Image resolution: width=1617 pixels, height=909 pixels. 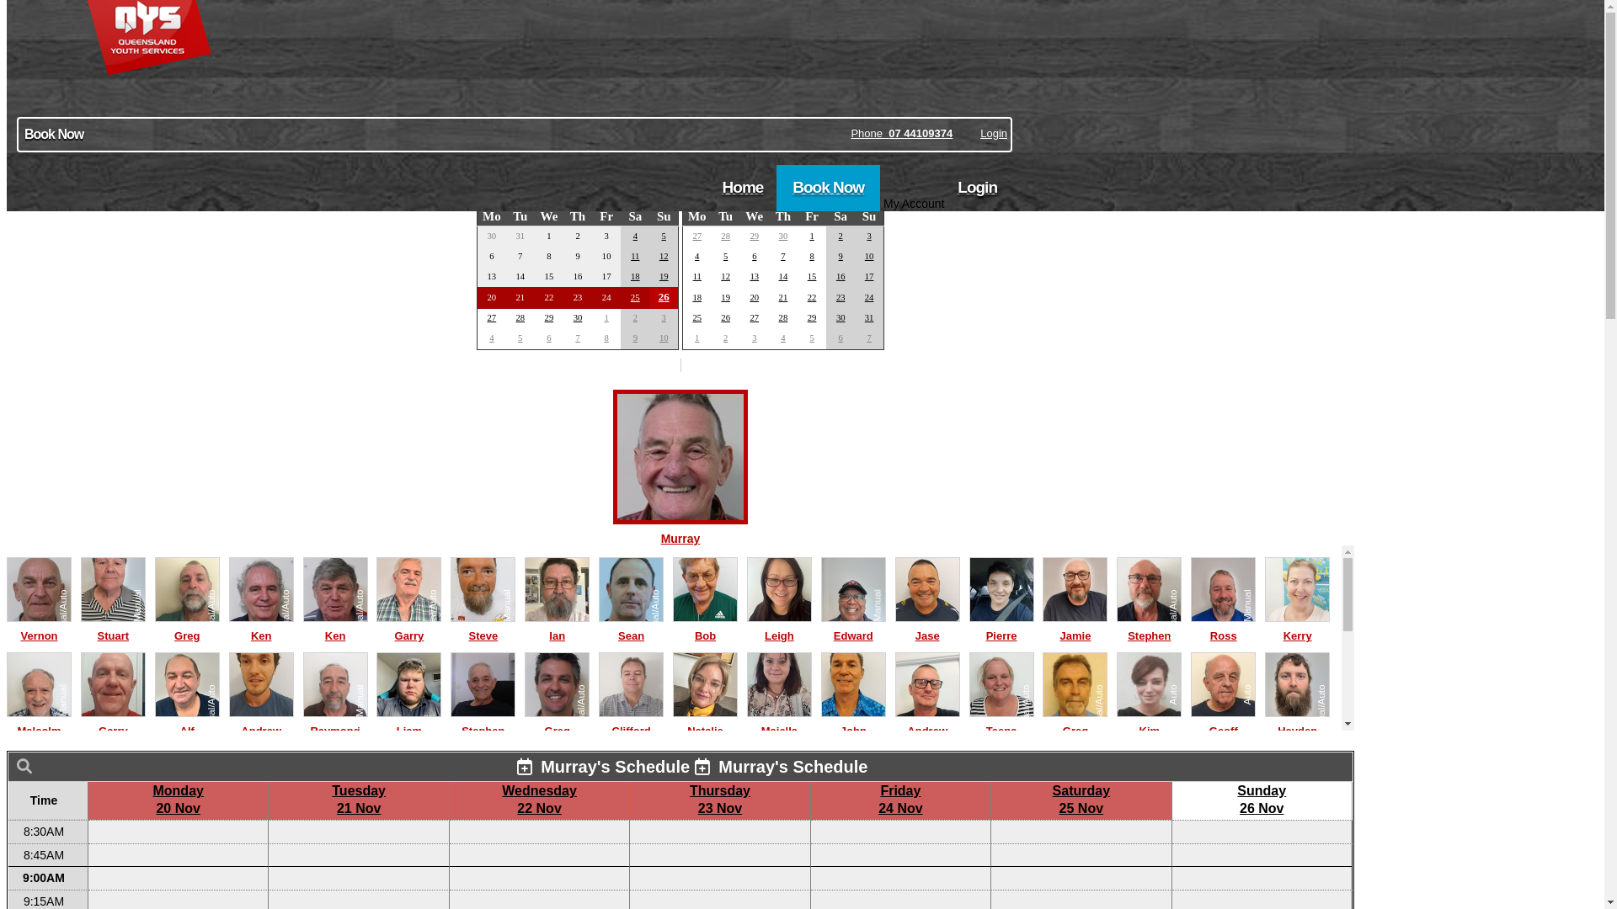 I want to click on 'Nathan, so click(x=524, y=816).